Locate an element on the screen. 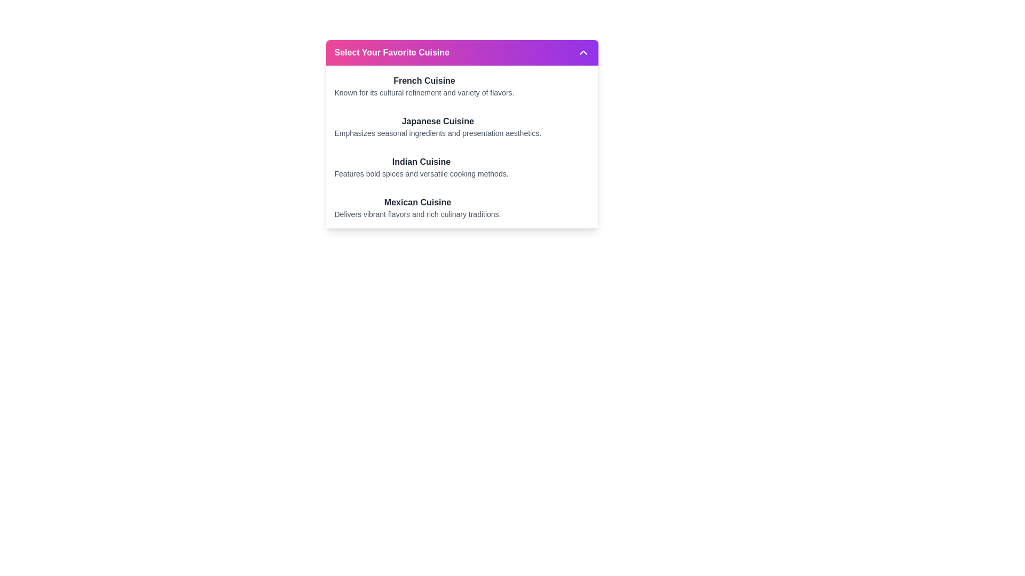  description of the text block that states 'Delivers vibrant flavors and rich culinary traditions.' under the bold heading 'Mexican Cuisine' is located at coordinates (462, 207).